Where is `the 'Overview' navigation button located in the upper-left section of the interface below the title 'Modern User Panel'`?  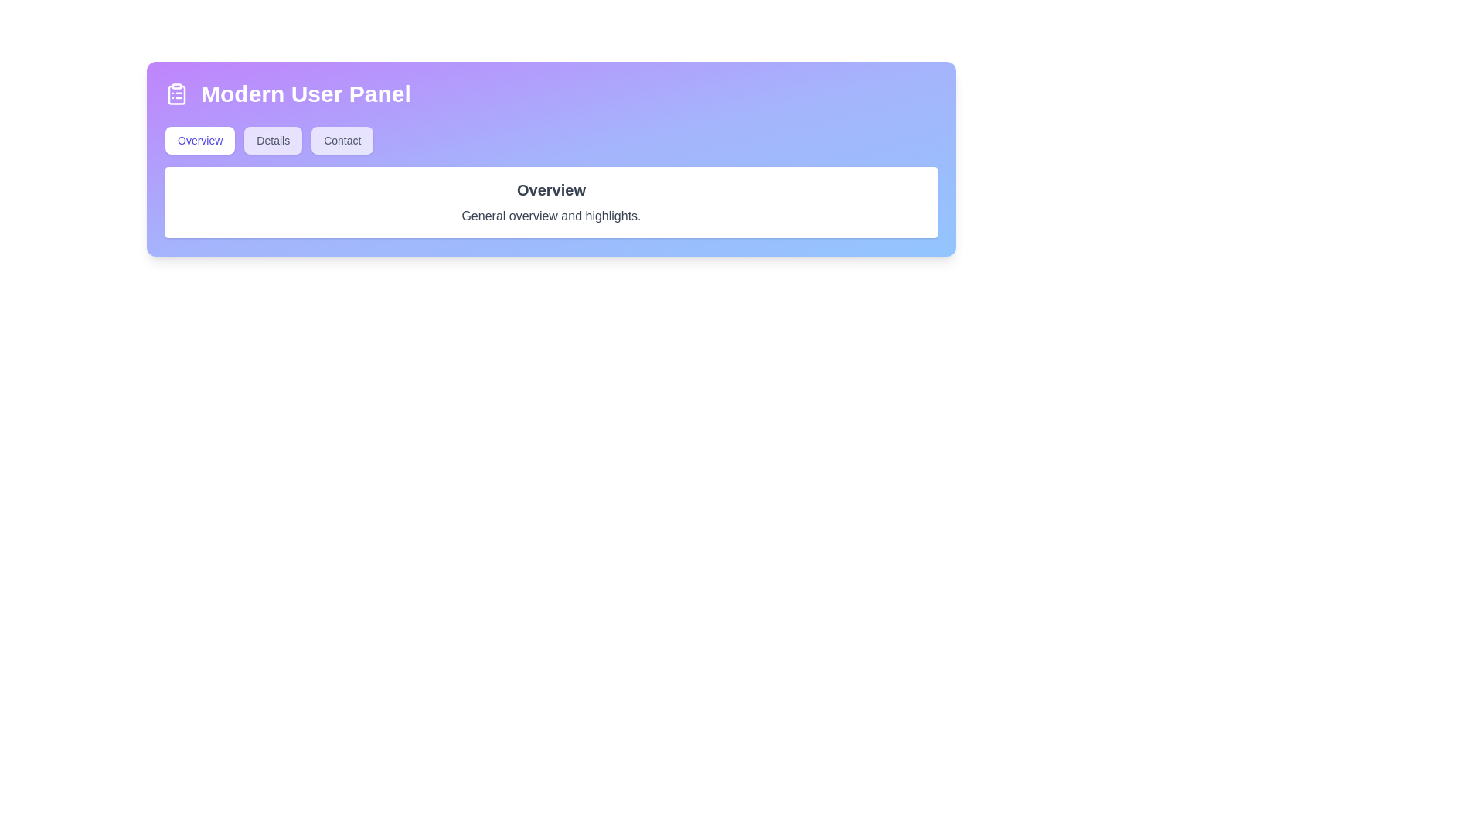
the 'Overview' navigation button located in the upper-left section of the interface below the title 'Modern User Panel' is located at coordinates (199, 140).